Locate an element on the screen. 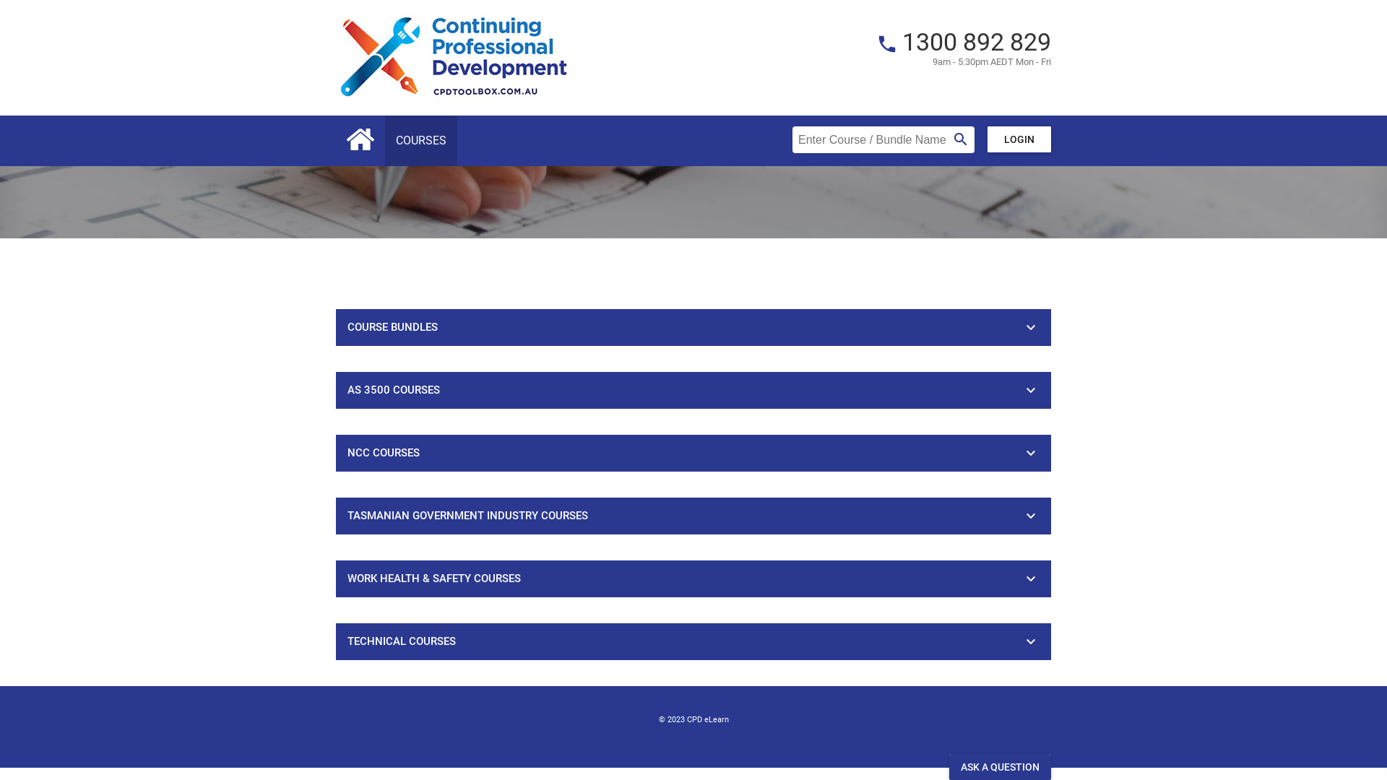  'LOGIN' is located at coordinates (1019, 139).